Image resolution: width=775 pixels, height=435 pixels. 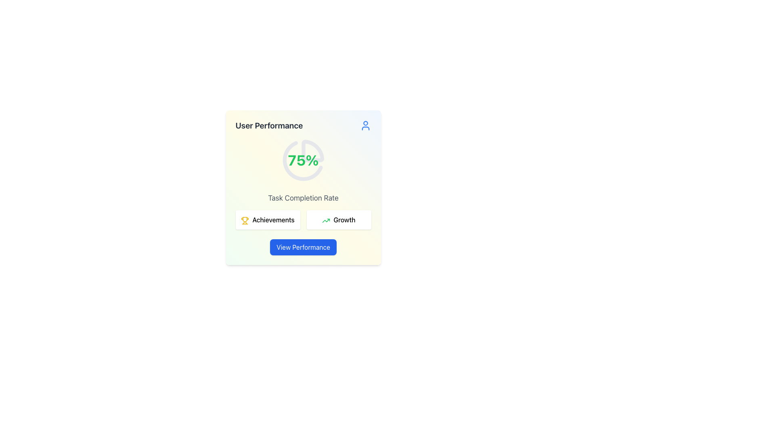 I want to click on text label that describes the associated icon for growth metrics, located to the right of the upward graph icon, so click(x=344, y=220).